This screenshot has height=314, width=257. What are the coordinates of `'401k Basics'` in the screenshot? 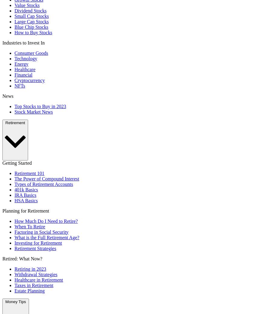 It's located at (26, 189).